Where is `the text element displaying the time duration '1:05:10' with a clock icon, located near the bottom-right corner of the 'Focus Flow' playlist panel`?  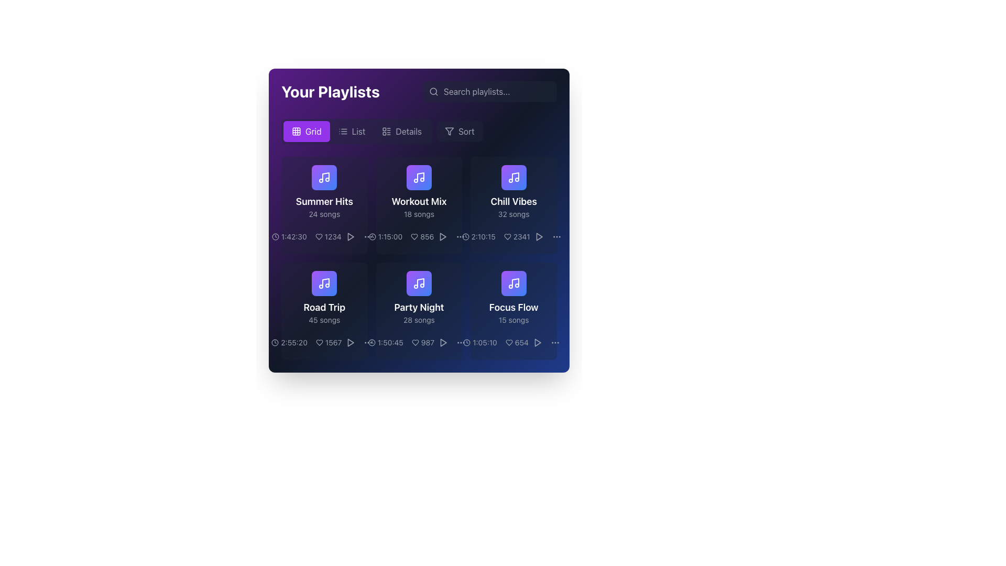
the text element displaying the time duration '1:05:10' with a clock icon, located near the bottom-right corner of the 'Focus Flow' playlist panel is located at coordinates (479, 343).